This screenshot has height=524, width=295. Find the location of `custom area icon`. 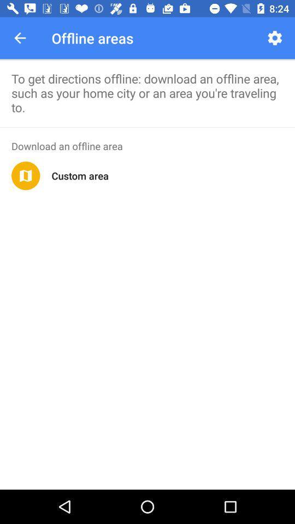

custom area icon is located at coordinates (79, 176).